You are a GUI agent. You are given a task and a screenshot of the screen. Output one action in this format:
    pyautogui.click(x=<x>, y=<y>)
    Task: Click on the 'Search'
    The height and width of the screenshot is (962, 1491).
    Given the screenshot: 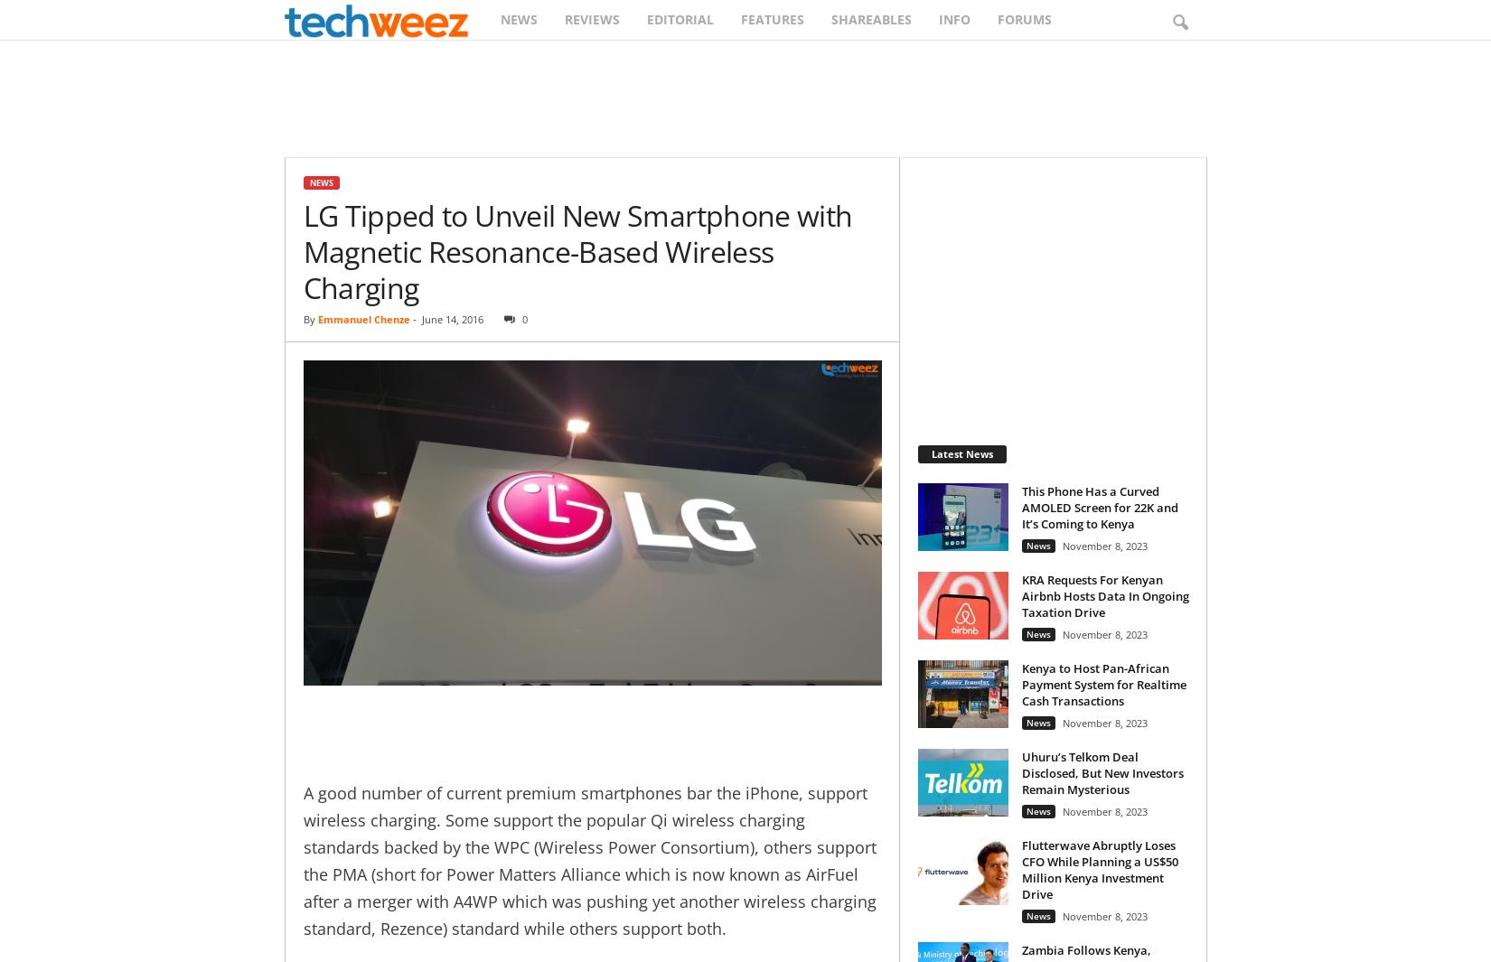 What is the action you would take?
    pyautogui.click(x=744, y=78)
    